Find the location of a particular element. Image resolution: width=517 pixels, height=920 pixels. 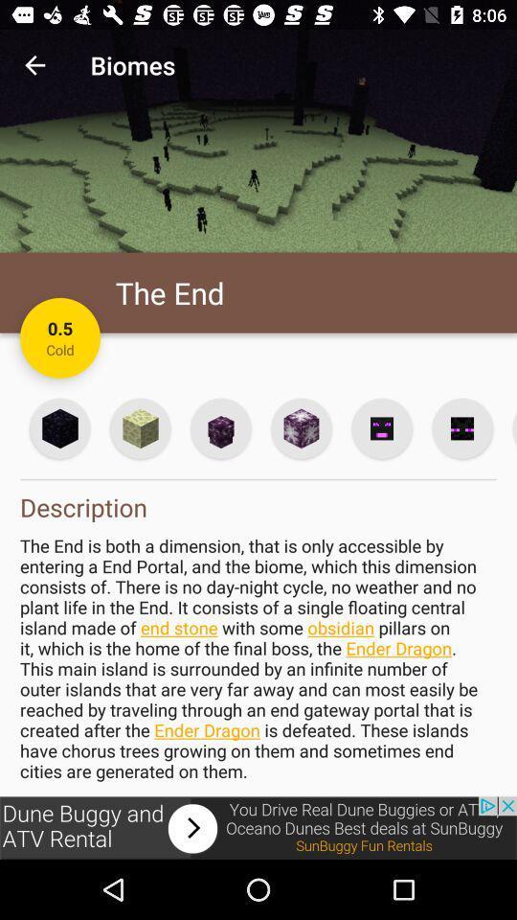

gift pega is located at coordinates (139, 428).